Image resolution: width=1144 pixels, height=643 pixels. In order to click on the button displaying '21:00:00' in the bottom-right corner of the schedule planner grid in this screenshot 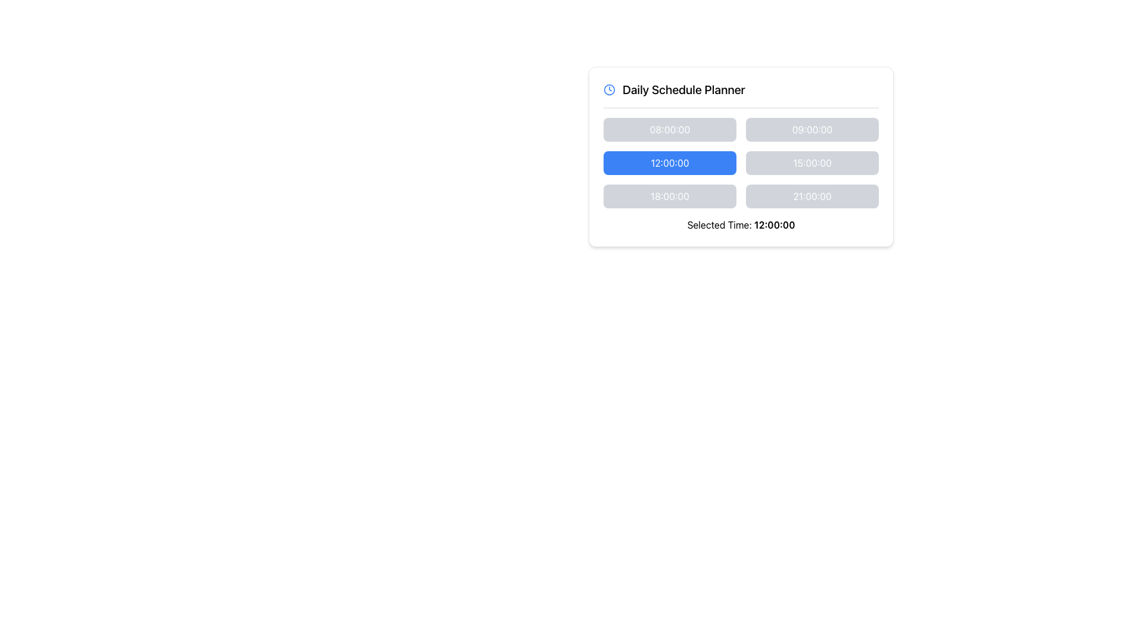, I will do `click(812, 196)`.